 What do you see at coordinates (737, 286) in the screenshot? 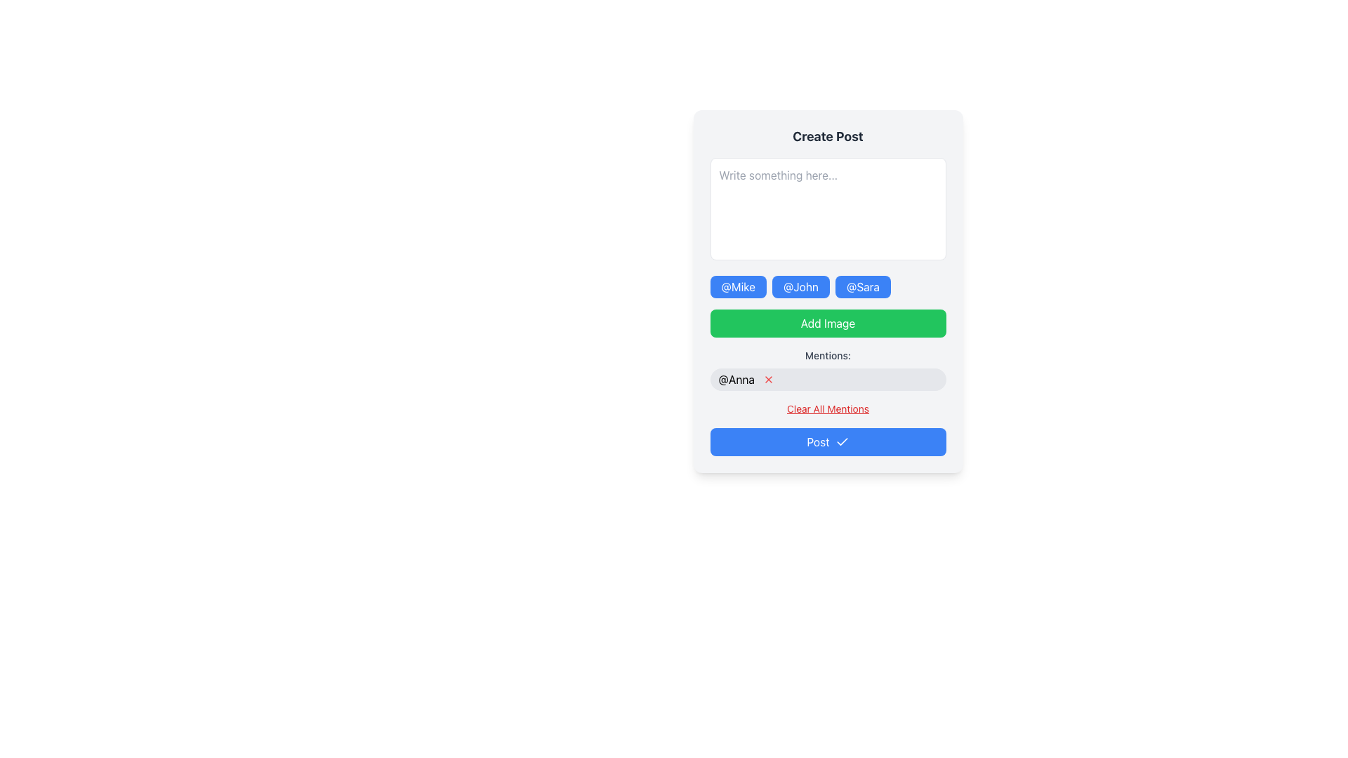
I see `the button labeled '@Mike' with a blue background` at bounding box center [737, 286].